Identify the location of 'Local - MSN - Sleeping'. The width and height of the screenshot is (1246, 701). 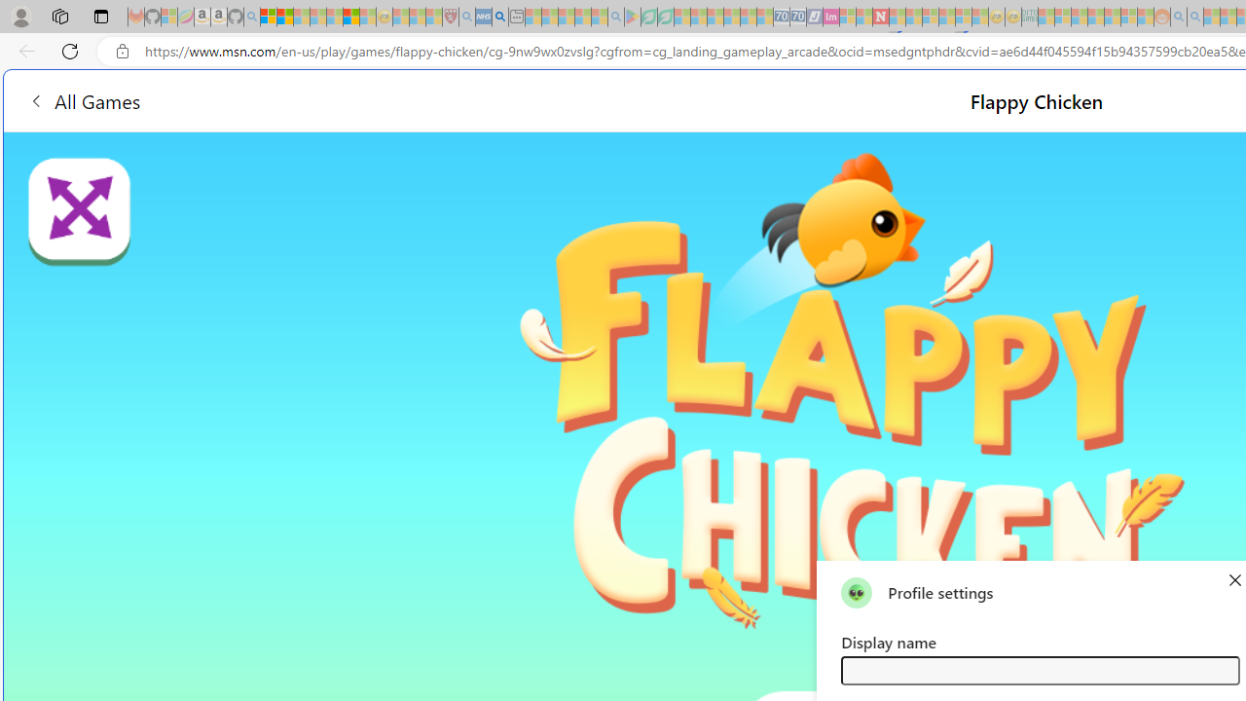
(433, 17).